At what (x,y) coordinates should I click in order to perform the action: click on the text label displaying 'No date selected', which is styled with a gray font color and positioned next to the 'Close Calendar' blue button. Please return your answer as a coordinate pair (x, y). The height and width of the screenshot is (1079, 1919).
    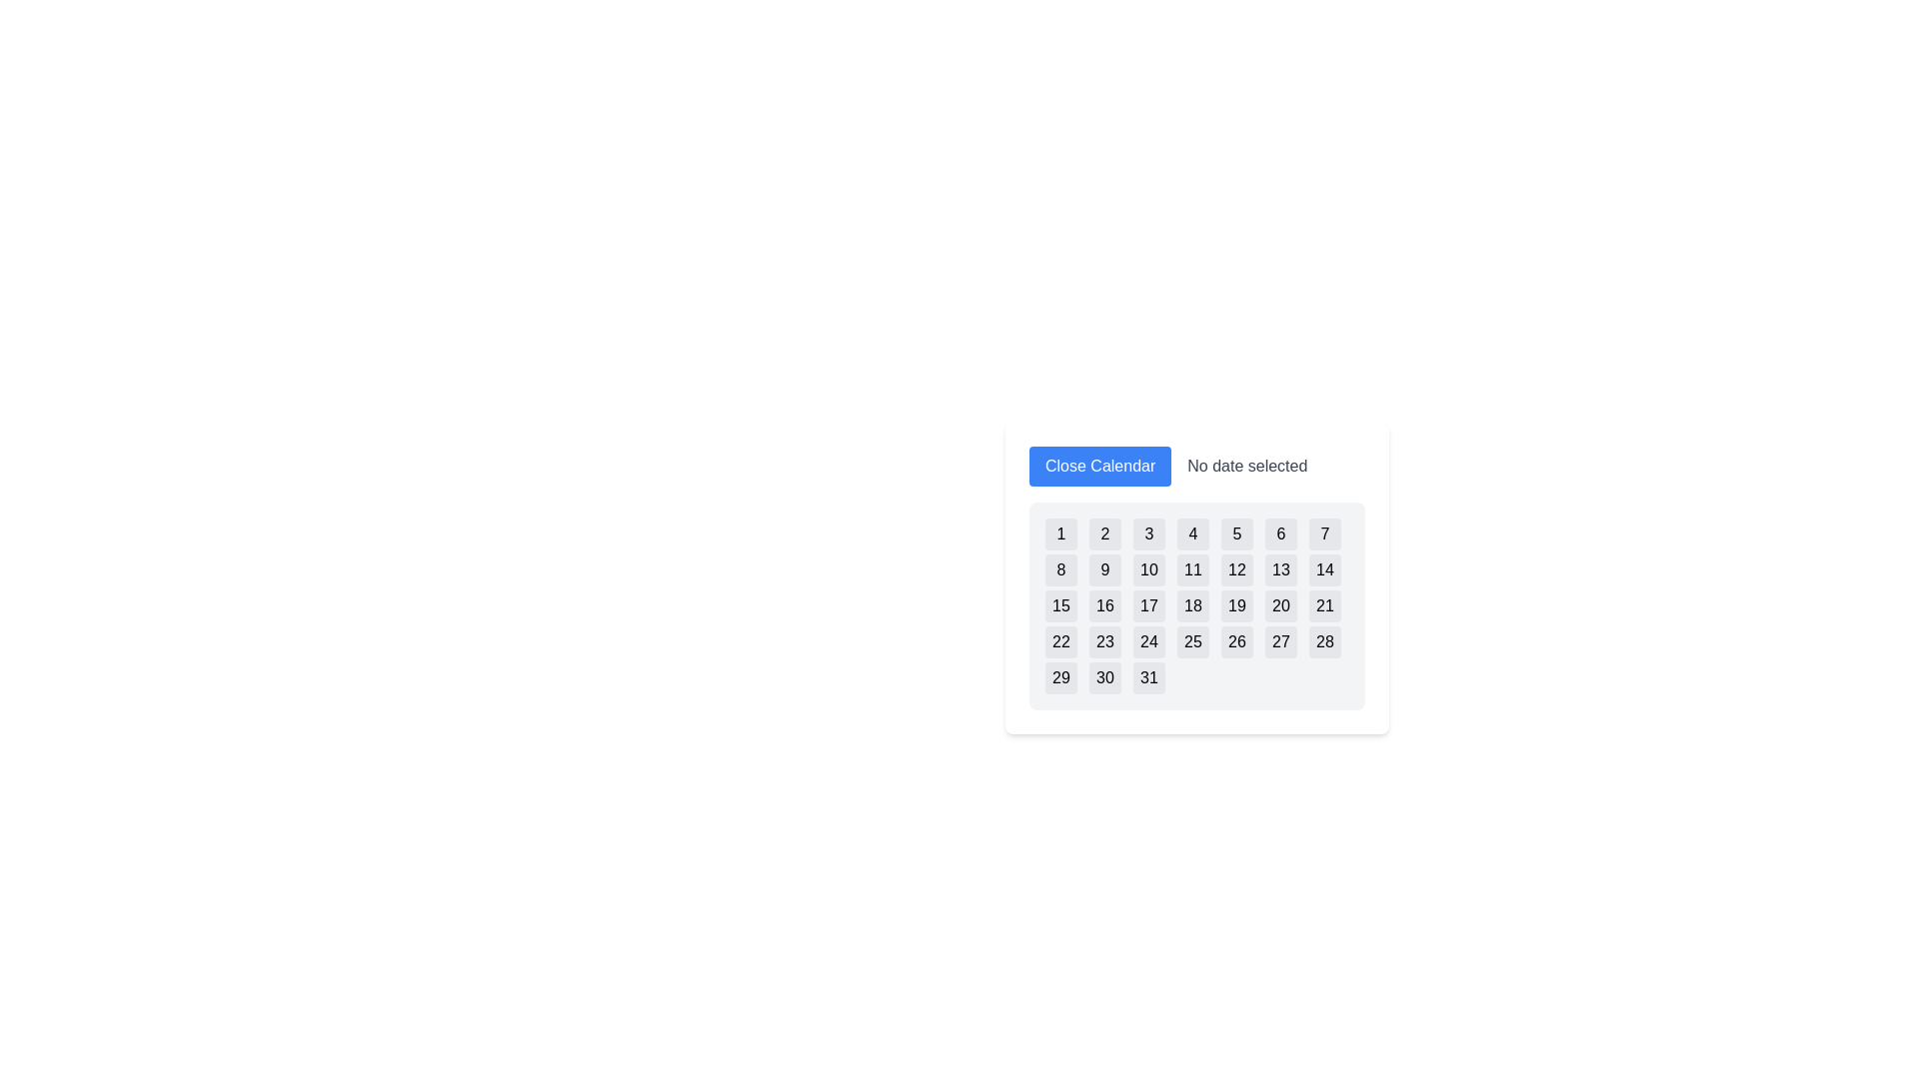
    Looking at the image, I should click on (1246, 466).